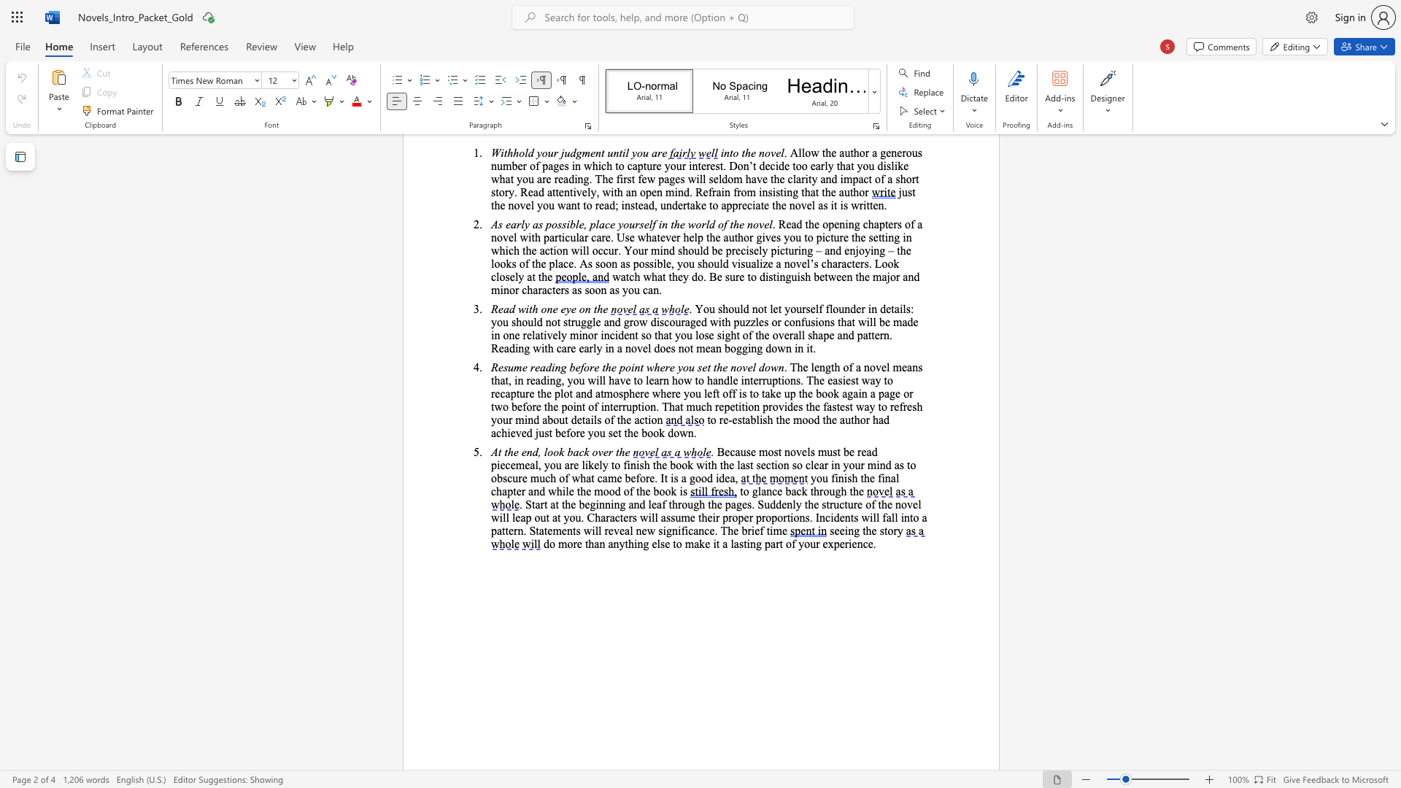 The width and height of the screenshot is (1401, 788). I want to click on the subset text "ing the st" within the text "seeing the story", so click(844, 530).